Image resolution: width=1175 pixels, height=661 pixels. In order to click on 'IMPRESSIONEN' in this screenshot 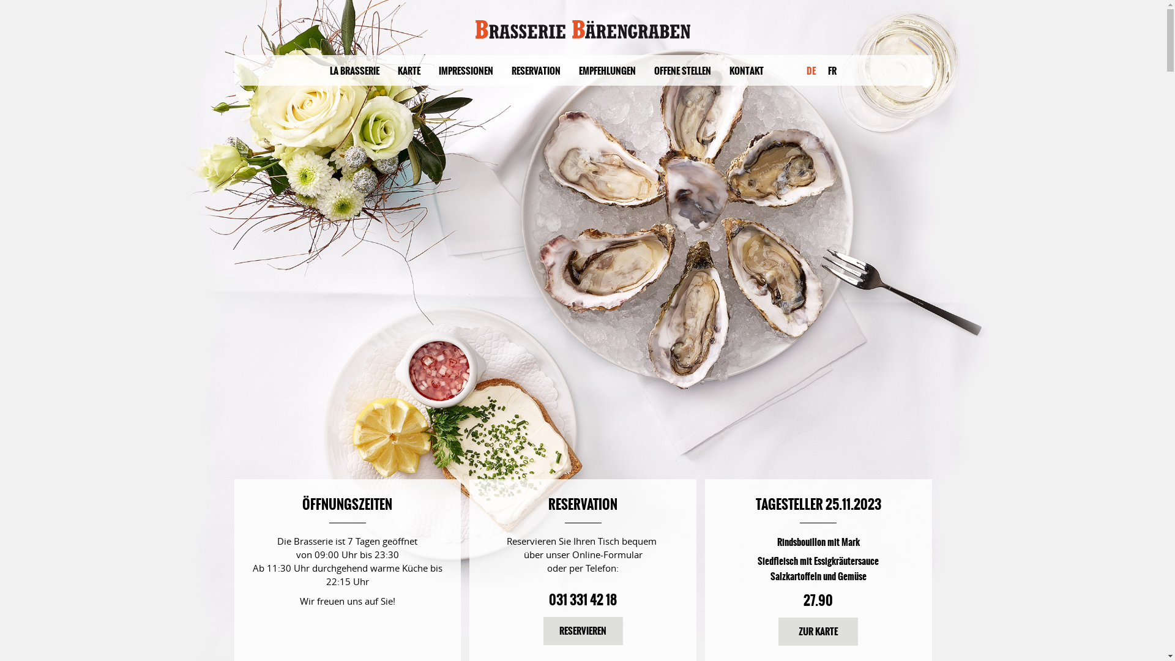, I will do `click(465, 70)`.